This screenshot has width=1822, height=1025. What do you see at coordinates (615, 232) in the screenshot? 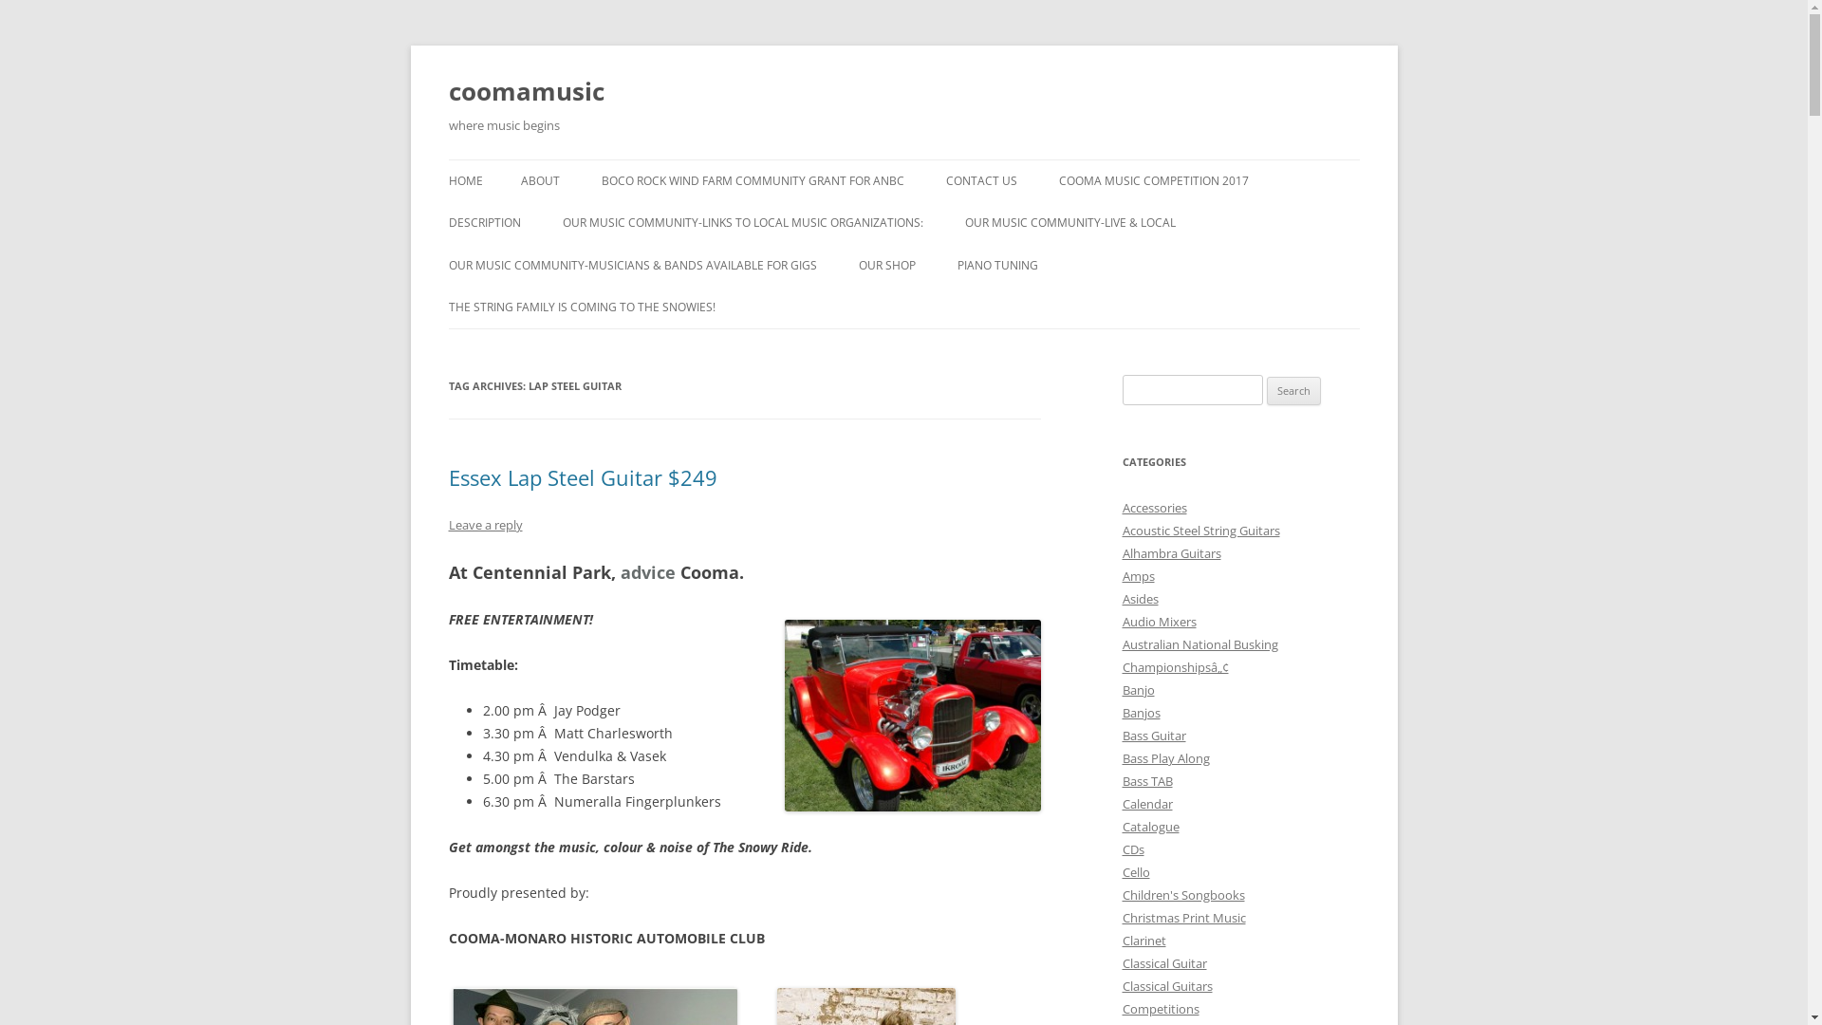
I see `'COOMA MUSIC COMPETITION 2010'` at bounding box center [615, 232].